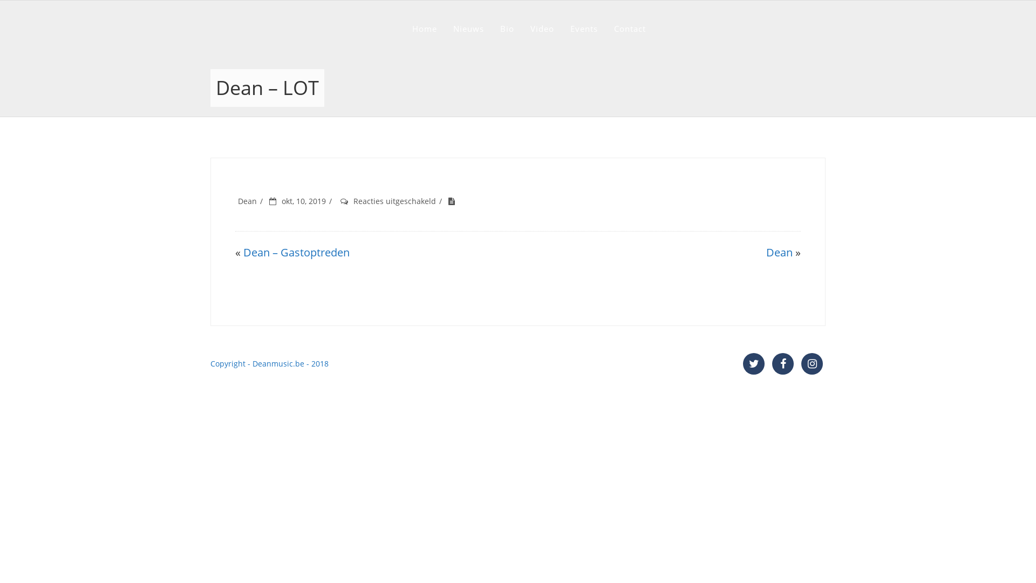  What do you see at coordinates (541, 28) in the screenshot?
I see `'Video'` at bounding box center [541, 28].